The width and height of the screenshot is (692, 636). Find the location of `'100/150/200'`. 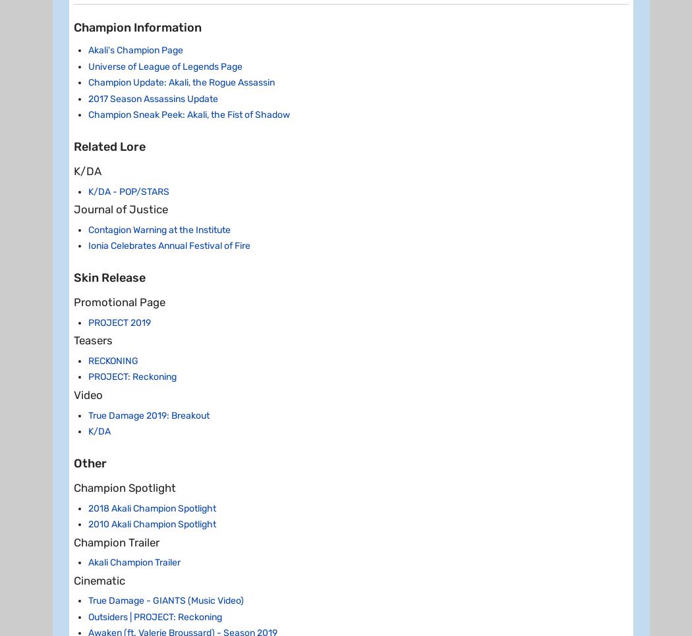

'100/150/200' is located at coordinates (221, 101).